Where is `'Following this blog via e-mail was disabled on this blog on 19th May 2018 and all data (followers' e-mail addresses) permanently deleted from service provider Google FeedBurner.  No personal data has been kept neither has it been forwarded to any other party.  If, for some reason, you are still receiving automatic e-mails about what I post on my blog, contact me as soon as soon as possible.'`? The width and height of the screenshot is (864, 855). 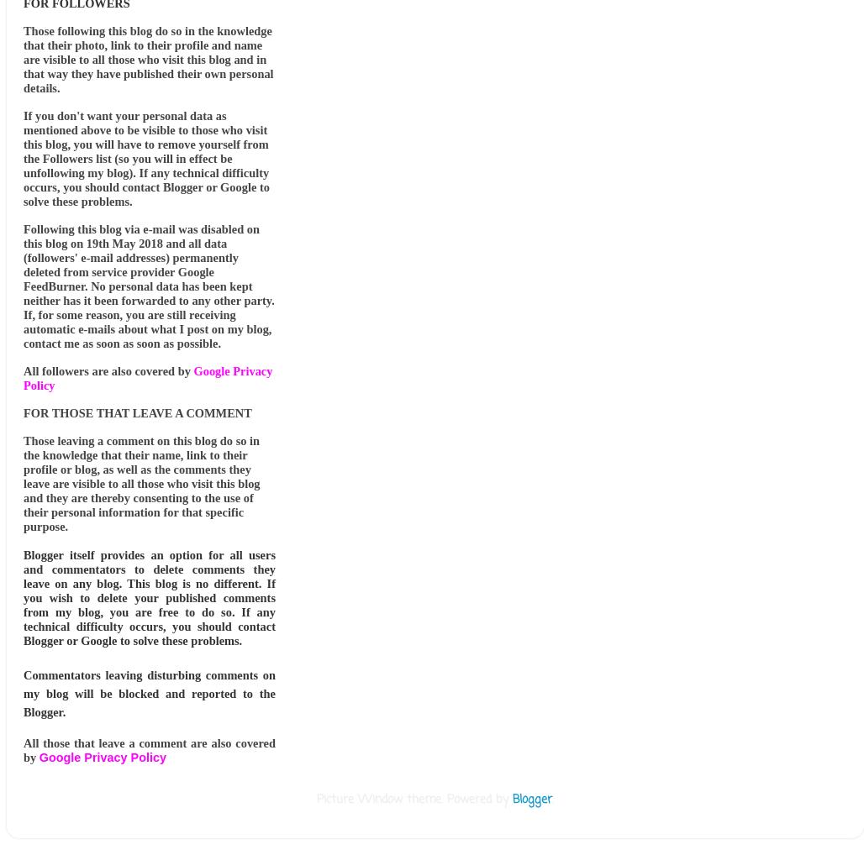 'Following this blog via e-mail was disabled on this blog on 19th May 2018 and all data (followers' e-mail addresses) permanently deleted from service provider Google FeedBurner.  No personal data has been kept neither has it been forwarded to any other party.  If, for some reason, you are still receiving automatic e-mails about what I post on my blog, contact me as soon as soon as possible.' is located at coordinates (149, 286).